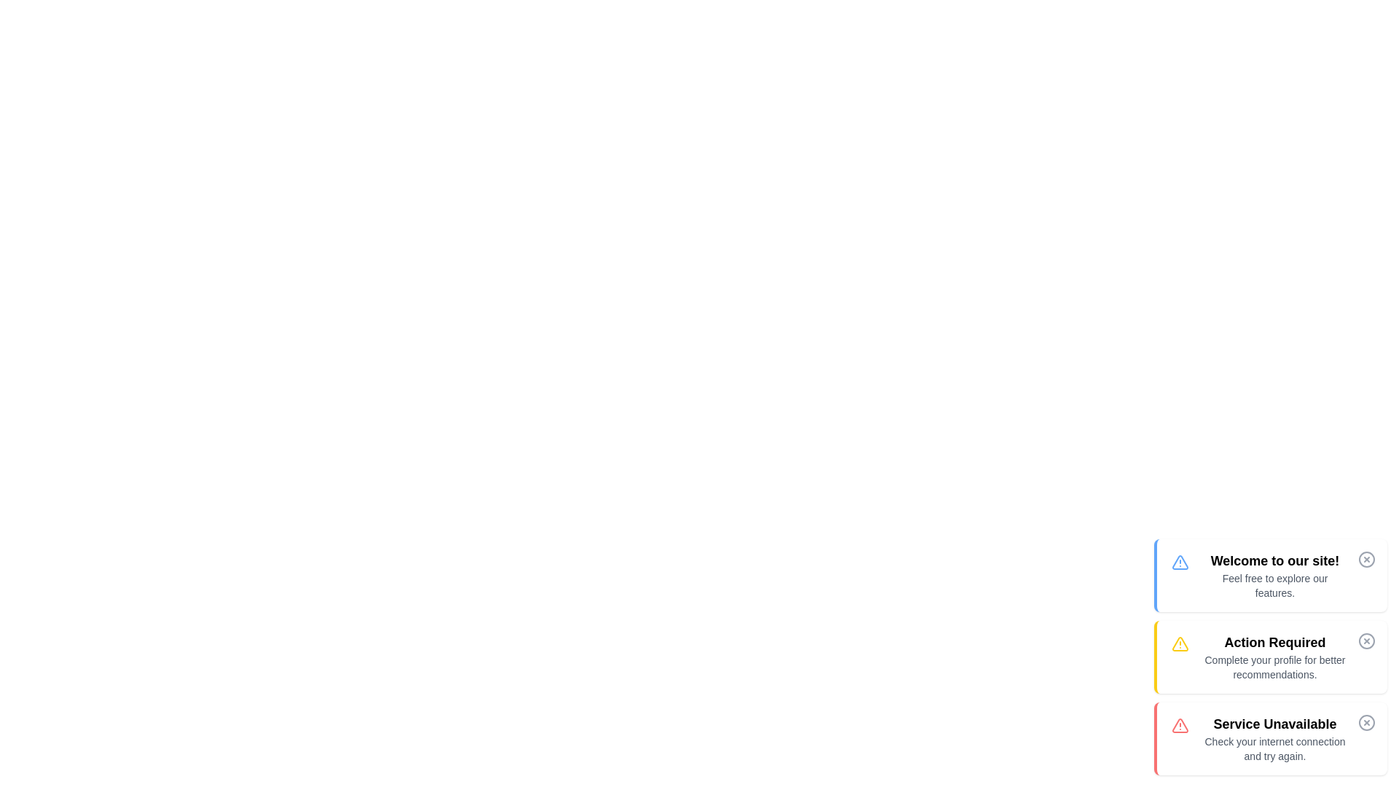 The height and width of the screenshot is (787, 1399). Describe the element at coordinates (1366, 558) in the screenshot. I see `the close button icon, which is a circular shape with a cross inside, located at the top right corner of the notification card adjacent to the welcome text, to trigger the color change effect` at that location.